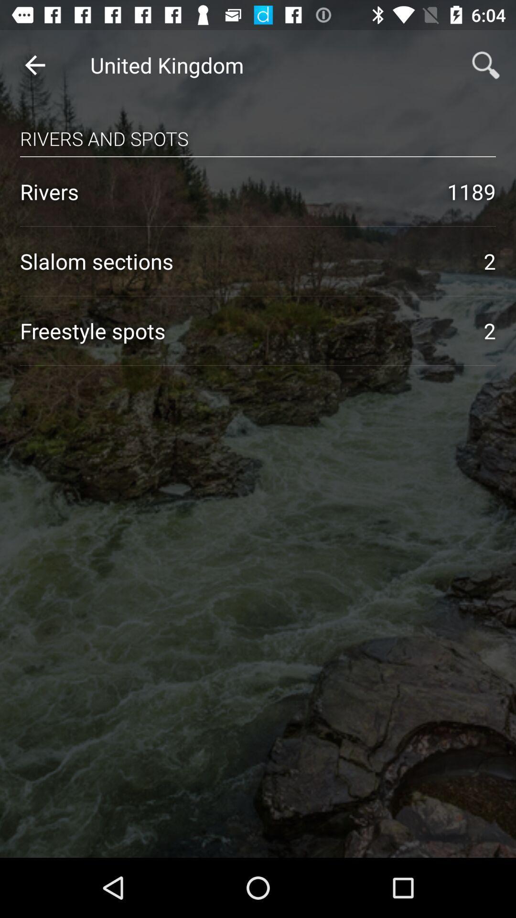 Image resolution: width=516 pixels, height=918 pixels. What do you see at coordinates (241, 261) in the screenshot?
I see `the slalom sections` at bounding box center [241, 261].